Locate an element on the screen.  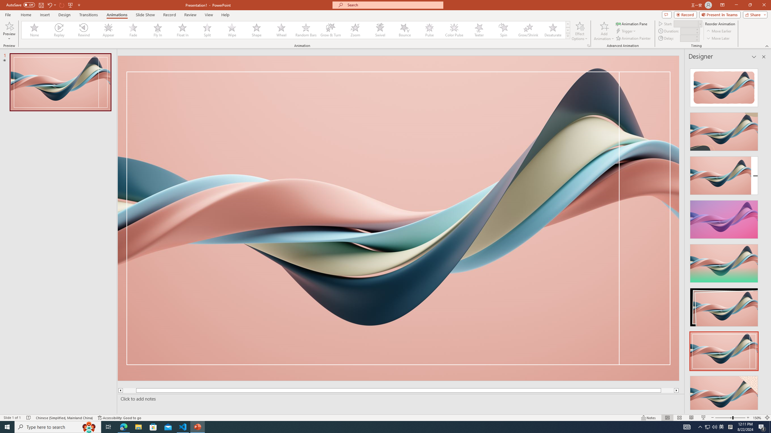
'Swivel' is located at coordinates (380, 30).